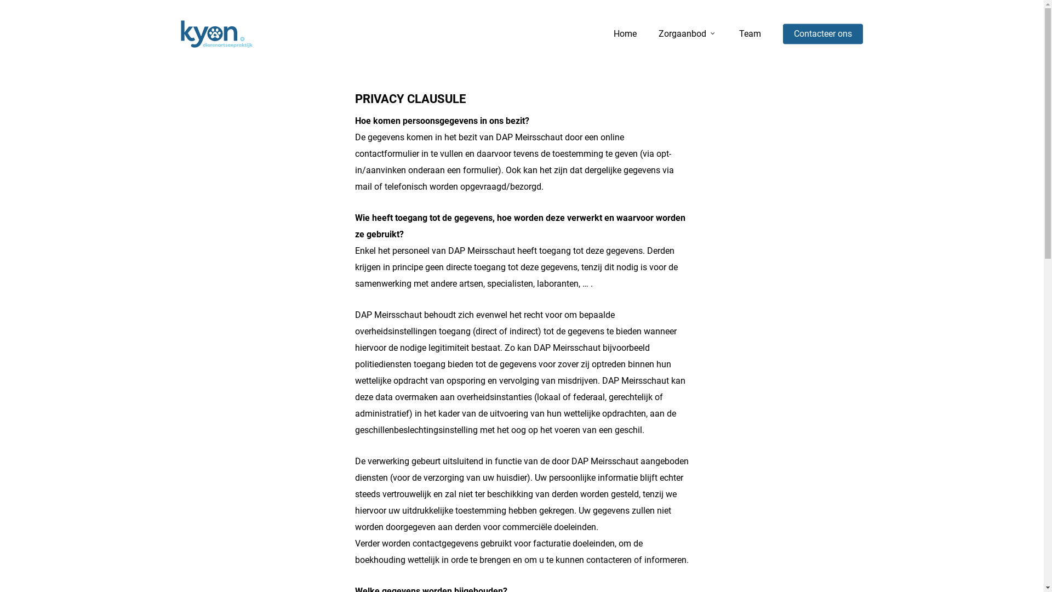 Image resolution: width=1052 pixels, height=592 pixels. What do you see at coordinates (687, 33) in the screenshot?
I see `'Zorgaanbod'` at bounding box center [687, 33].